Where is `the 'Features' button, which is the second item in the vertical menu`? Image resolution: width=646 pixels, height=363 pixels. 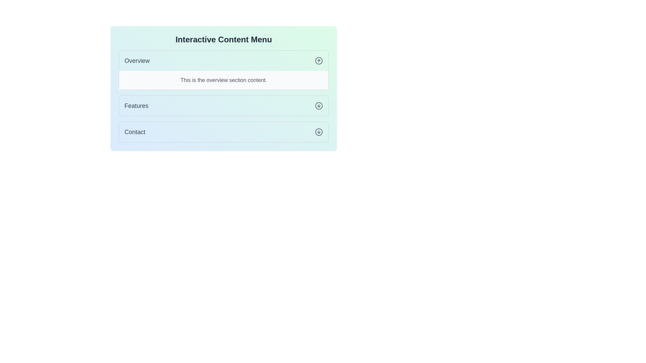
the 'Features' button, which is the second item in the vertical menu is located at coordinates (224, 106).